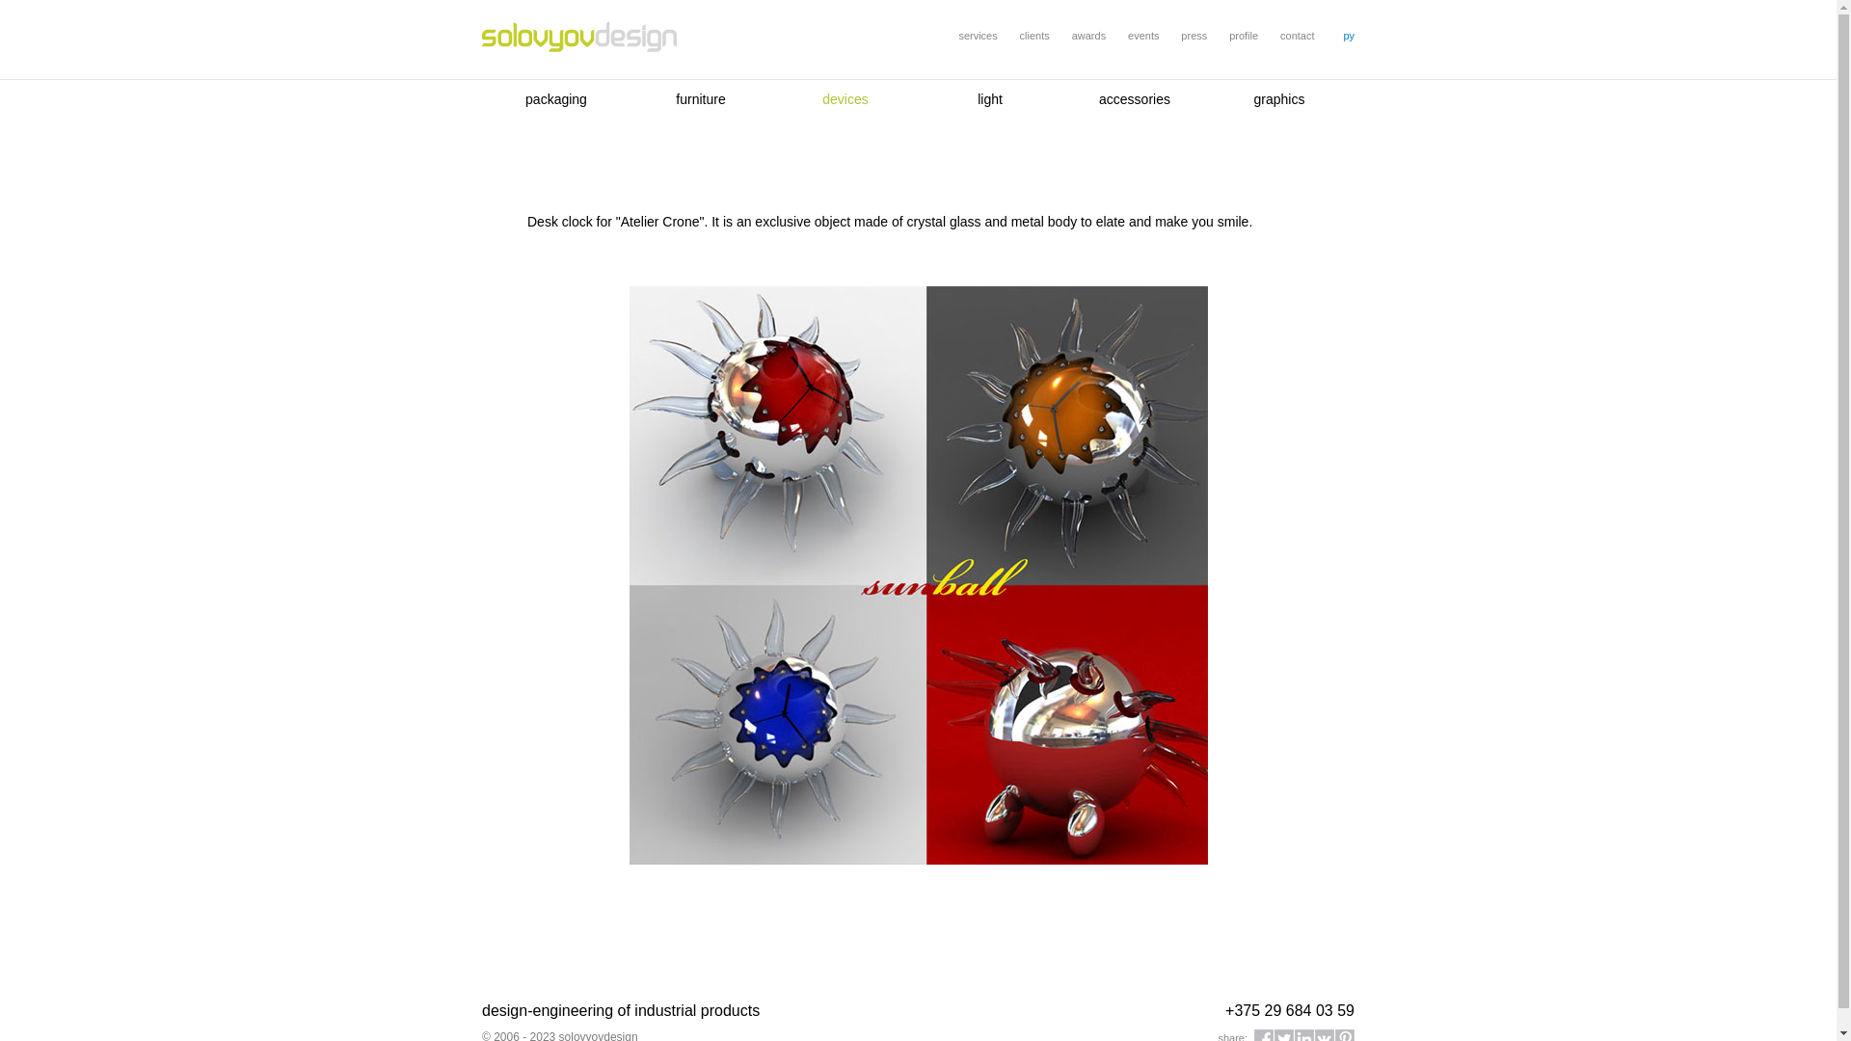 Image resolution: width=1851 pixels, height=1041 pixels. I want to click on 'py', so click(1347, 36).